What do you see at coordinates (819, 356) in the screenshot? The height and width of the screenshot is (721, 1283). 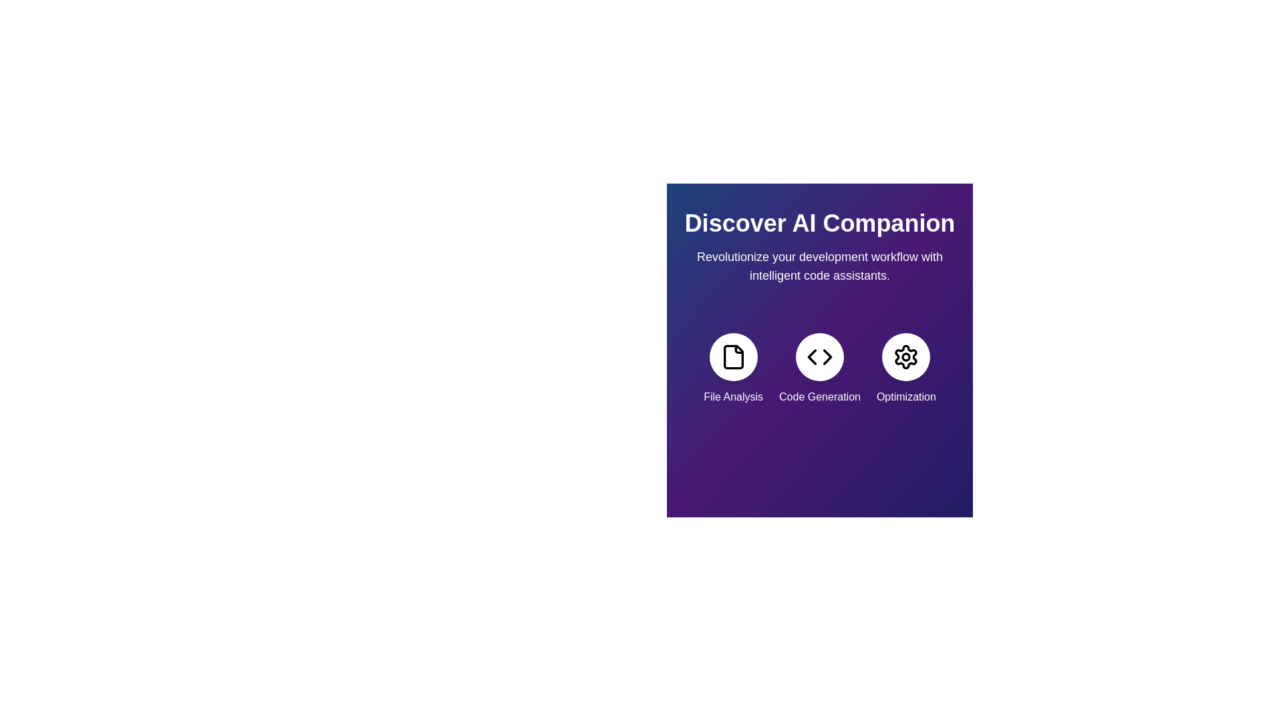 I see `the 'Code Generation' icon located in the middle of the trio under the 'Discover AI Companion' header` at bounding box center [819, 356].